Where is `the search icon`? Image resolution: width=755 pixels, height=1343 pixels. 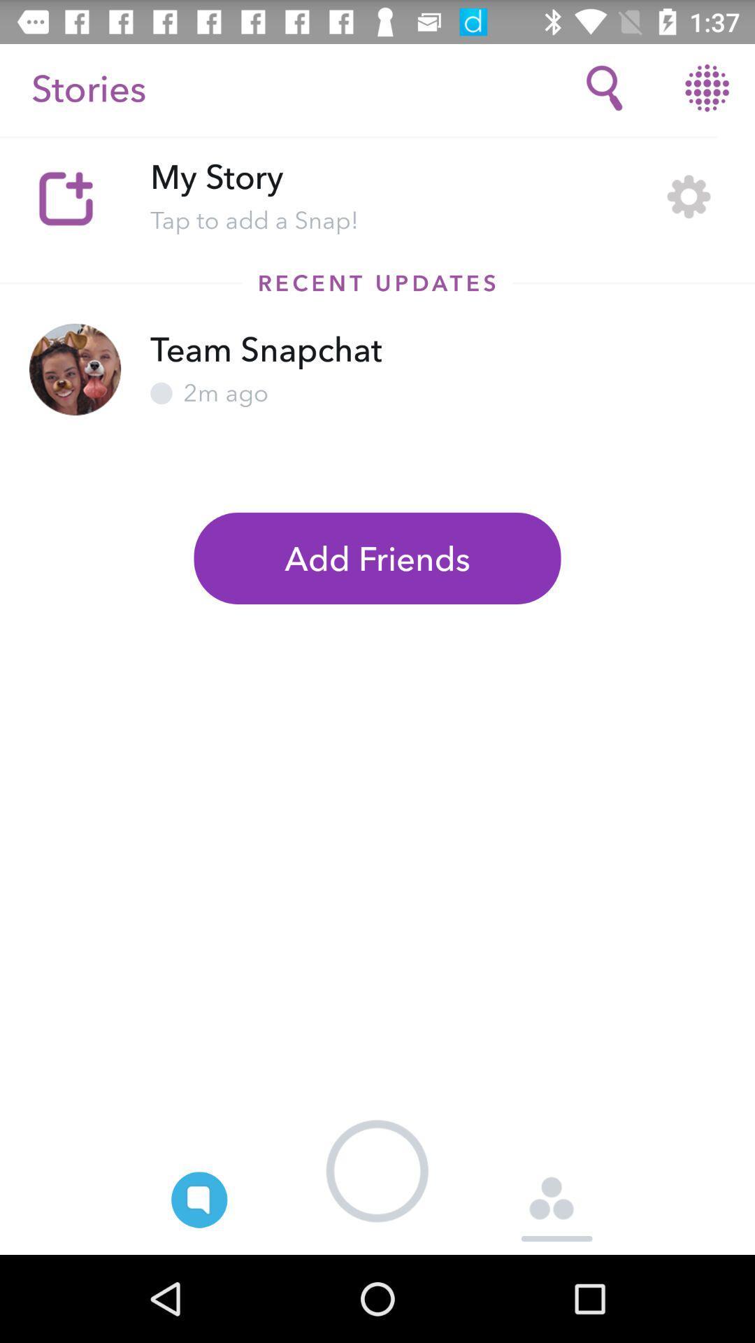
the search icon is located at coordinates (603, 87).